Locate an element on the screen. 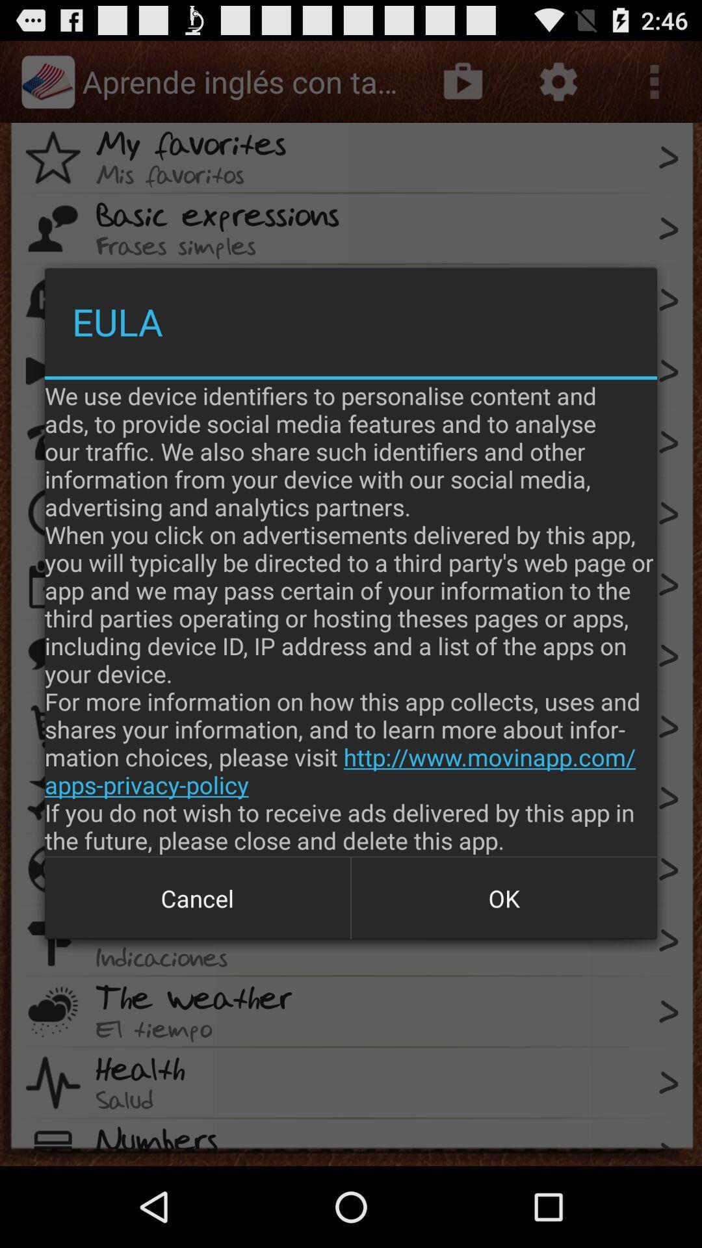 The height and width of the screenshot is (1248, 702). the cancel is located at coordinates (198, 898).